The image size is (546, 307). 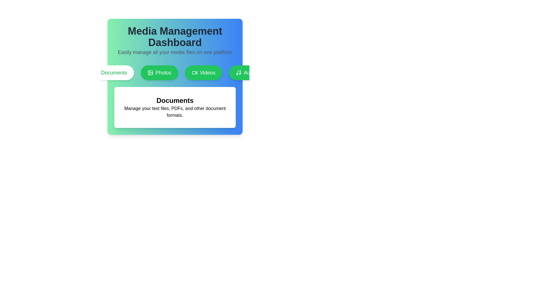 What do you see at coordinates (175, 72) in the screenshot?
I see `the navigation button located between the 'Documents' button and the 'Videos' button` at bounding box center [175, 72].